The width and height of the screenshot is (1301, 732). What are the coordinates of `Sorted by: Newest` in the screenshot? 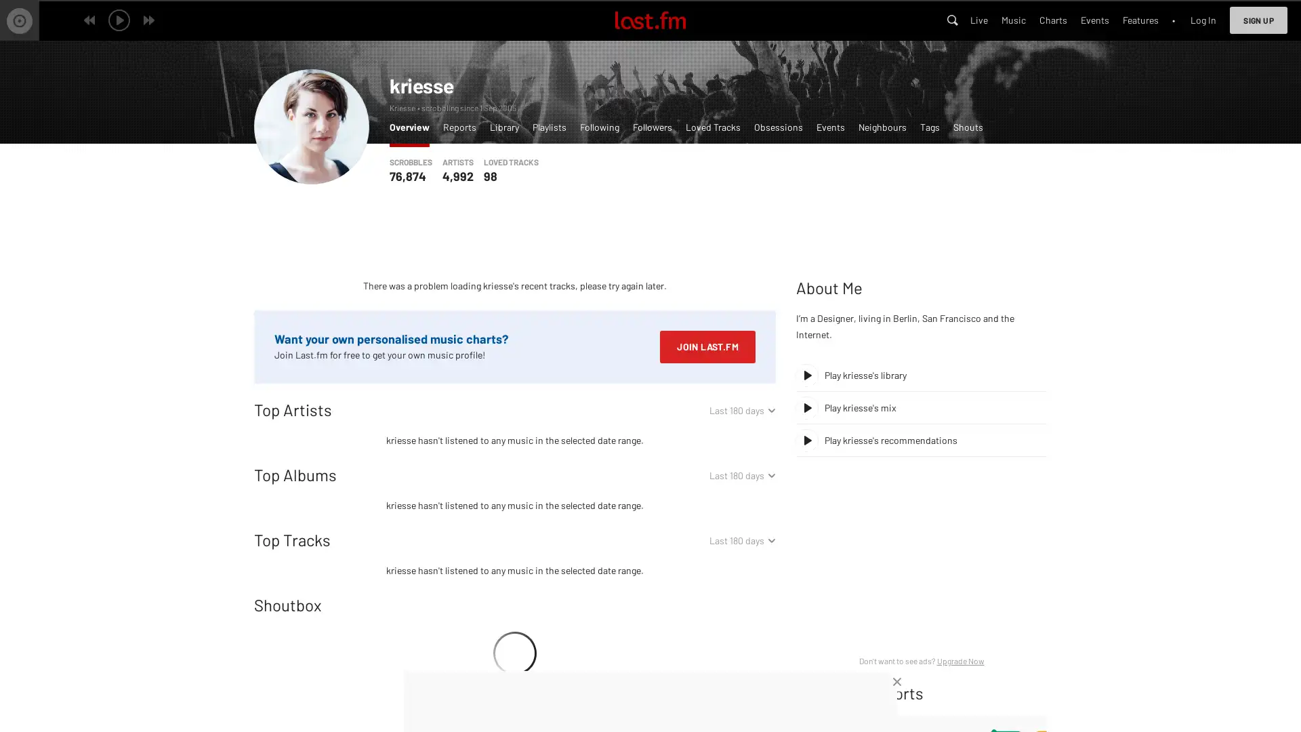 It's located at (753, 605).